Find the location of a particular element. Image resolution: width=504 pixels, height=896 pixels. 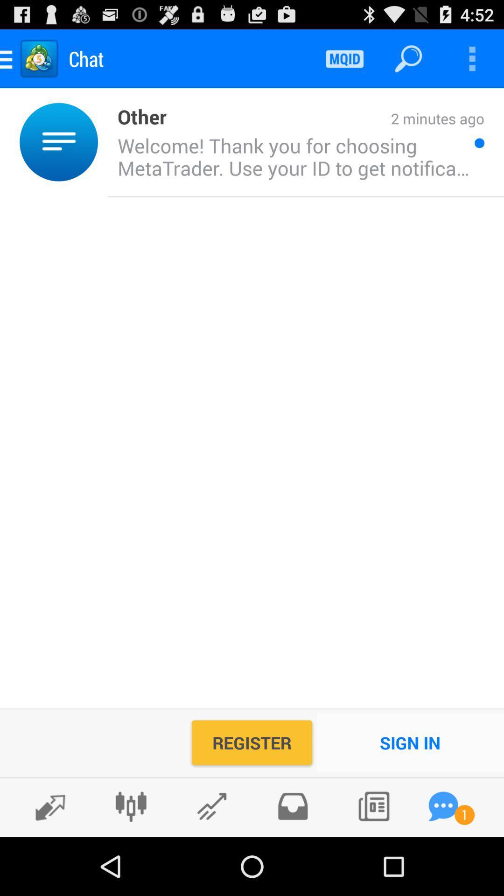

the icon below welcome thank you is located at coordinates (410, 742).